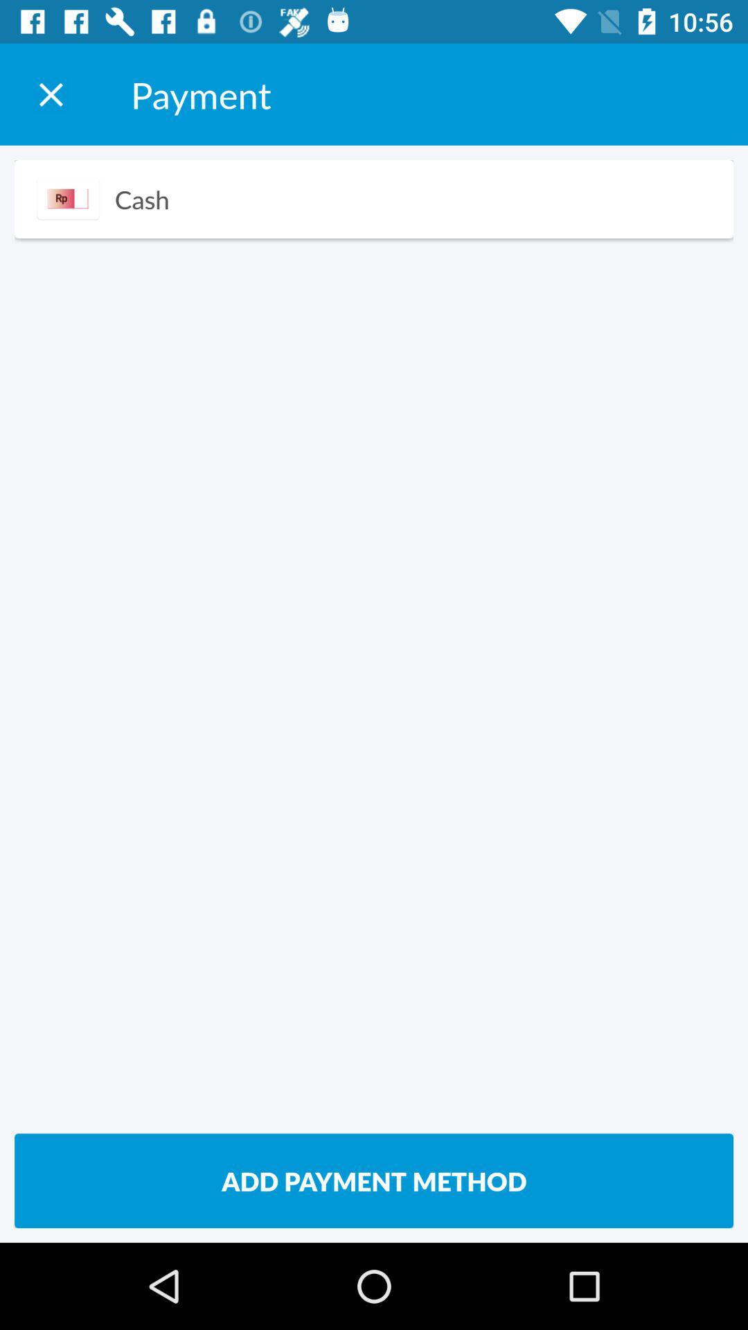  Describe the element at coordinates (50, 94) in the screenshot. I see `the item to the left of the payment icon` at that location.